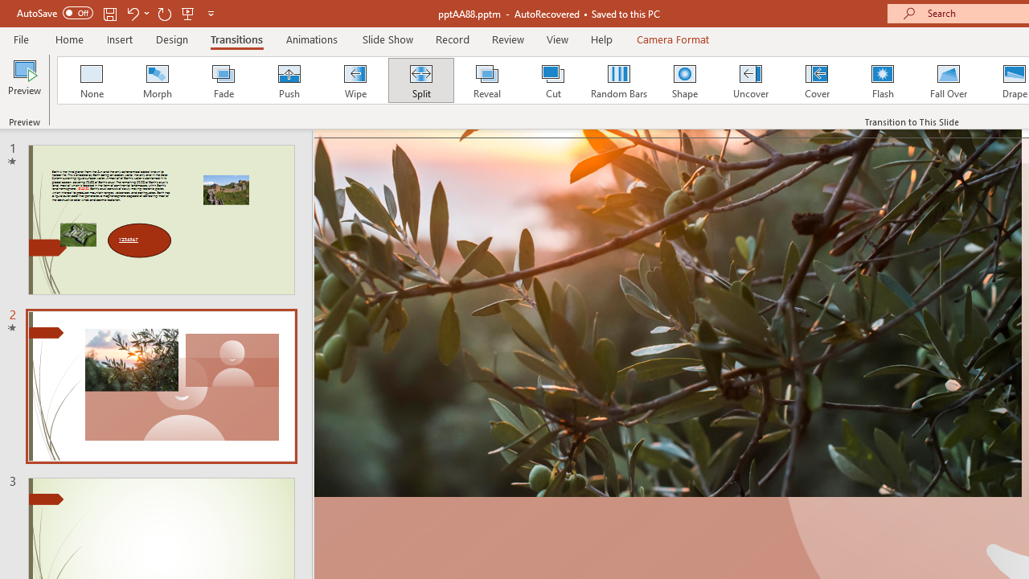 The width and height of the screenshot is (1029, 579). I want to click on 'Wipe', so click(354, 80).